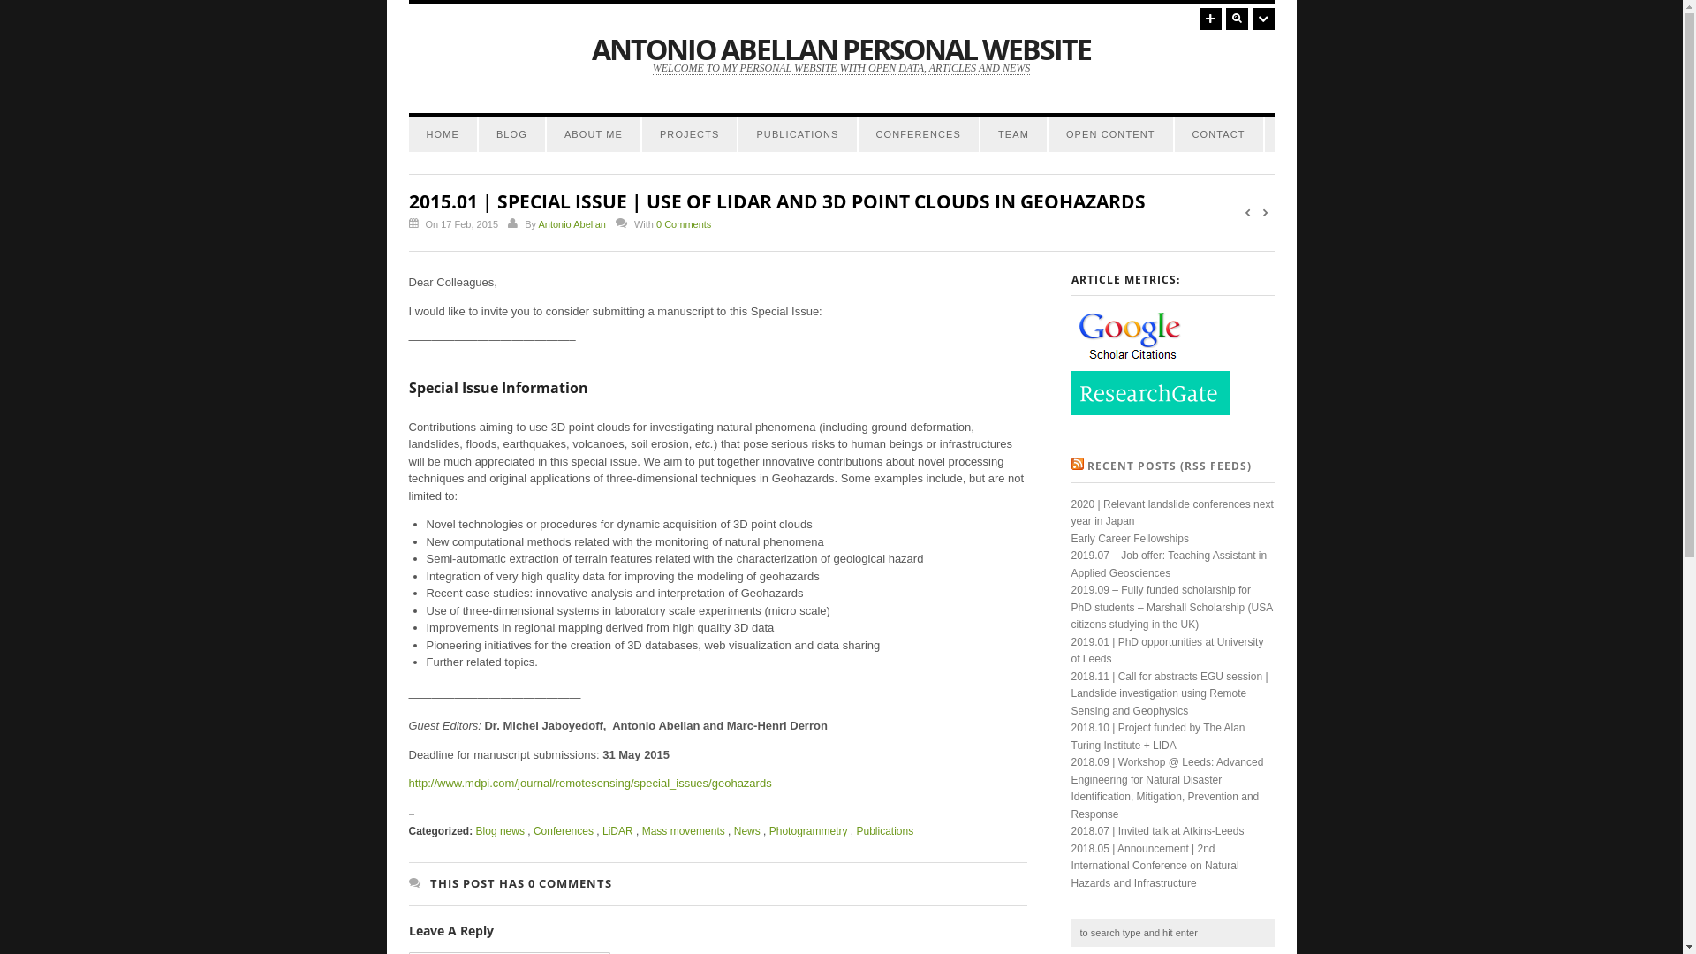  What do you see at coordinates (1218, 132) in the screenshot?
I see `'CONTACT'` at bounding box center [1218, 132].